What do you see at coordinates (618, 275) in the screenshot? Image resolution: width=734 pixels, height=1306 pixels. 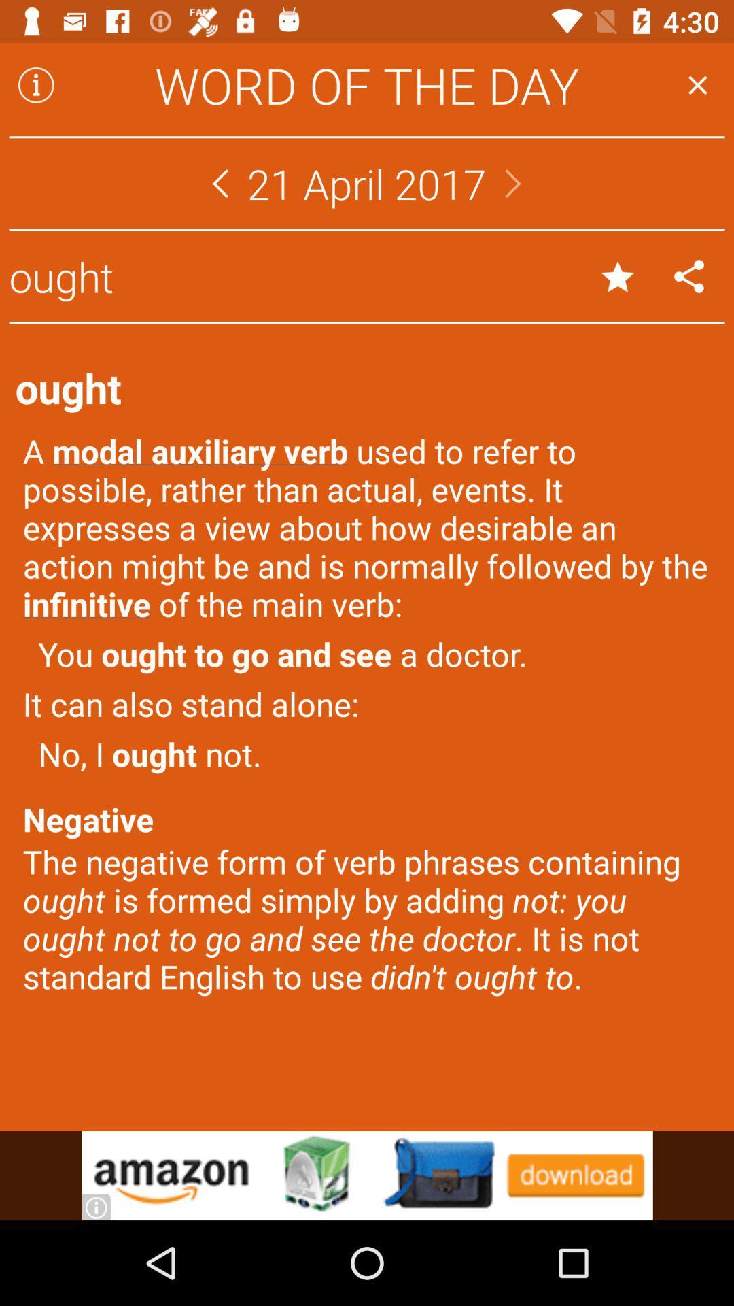 I see `rate this app` at bounding box center [618, 275].